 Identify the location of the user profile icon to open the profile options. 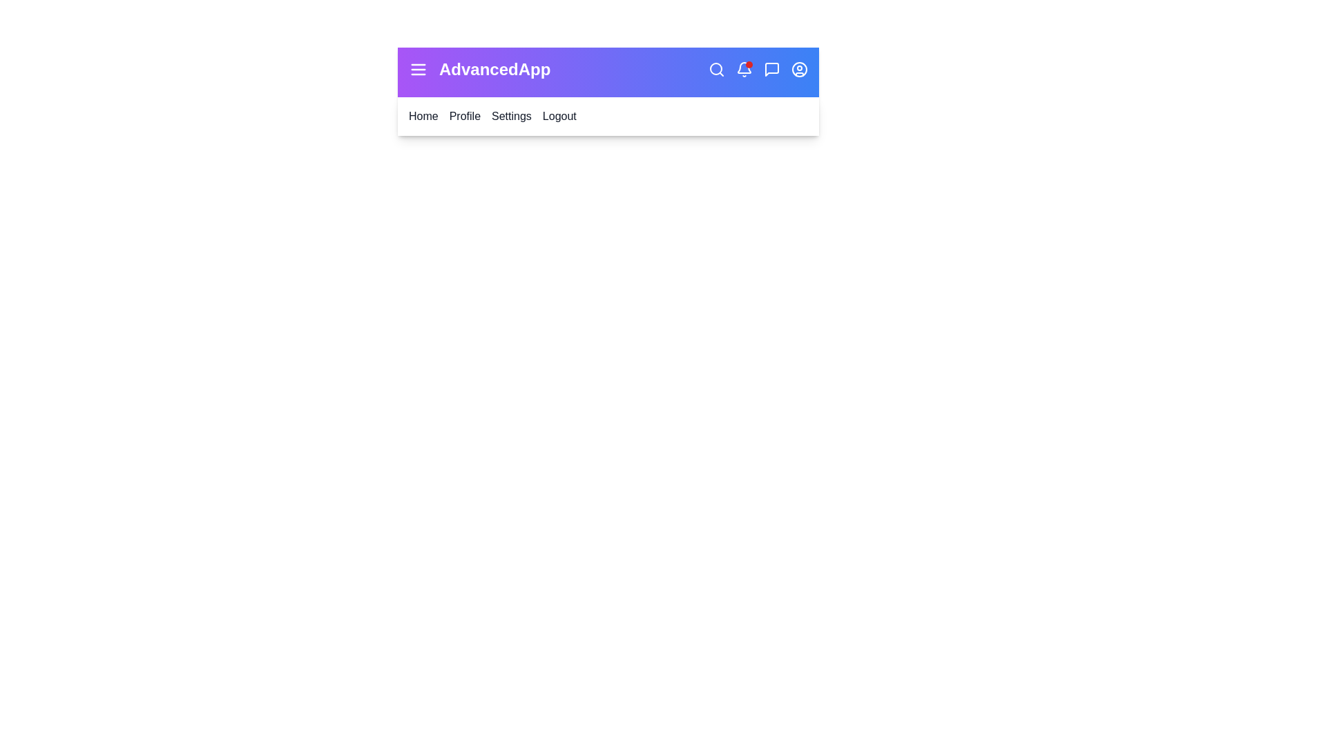
(799, 69).